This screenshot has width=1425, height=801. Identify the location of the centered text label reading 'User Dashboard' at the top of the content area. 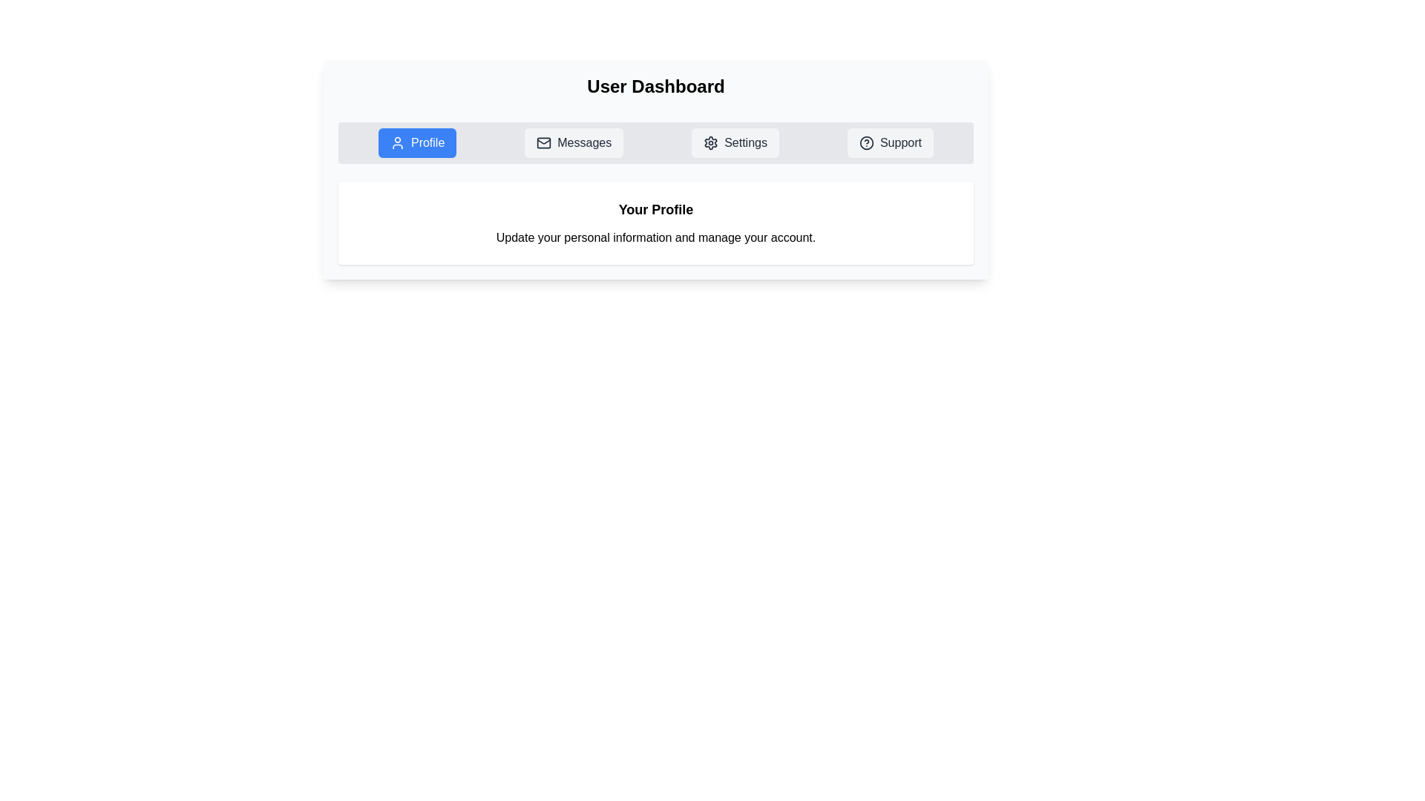
(655, 86).